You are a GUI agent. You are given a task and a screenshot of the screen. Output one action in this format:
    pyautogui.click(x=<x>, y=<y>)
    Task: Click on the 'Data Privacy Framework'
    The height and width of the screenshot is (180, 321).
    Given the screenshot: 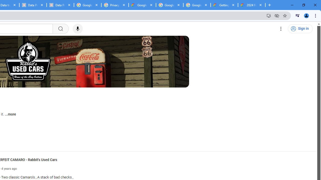 What is the action you would take?
    pyautogui.click(x=60, y=5)
    